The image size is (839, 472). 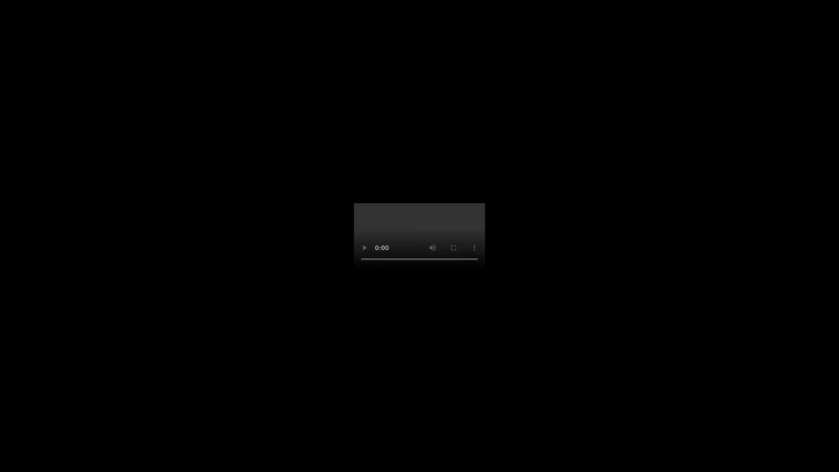 What do you see at coordinates (432, 248) in the screenshot?
I see `mute` at bounding box center [432, 248].